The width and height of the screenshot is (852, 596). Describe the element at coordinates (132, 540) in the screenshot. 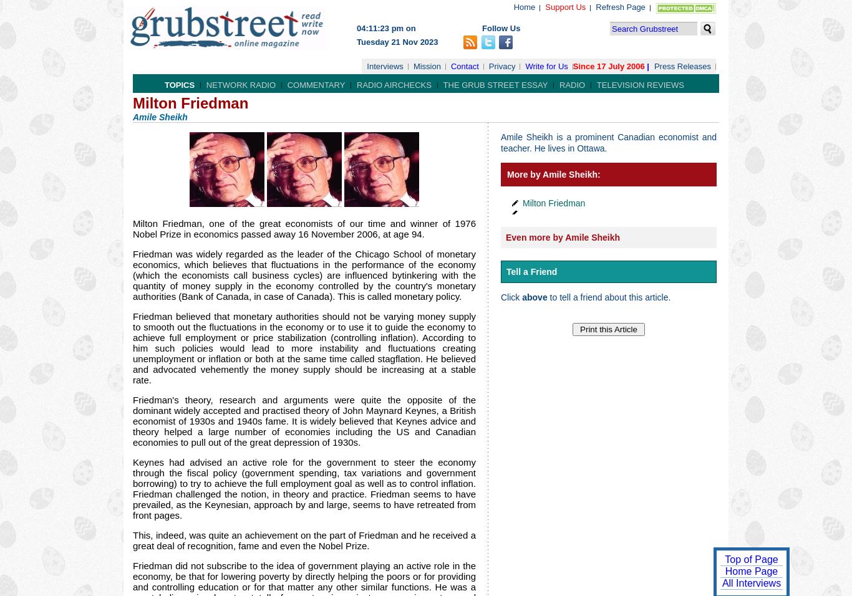

I see `'This, indeed, was quite an achievement on the  part of Friedman and he received a great deal of  recognition, fame and even the Nobel Prize.'` at that location.